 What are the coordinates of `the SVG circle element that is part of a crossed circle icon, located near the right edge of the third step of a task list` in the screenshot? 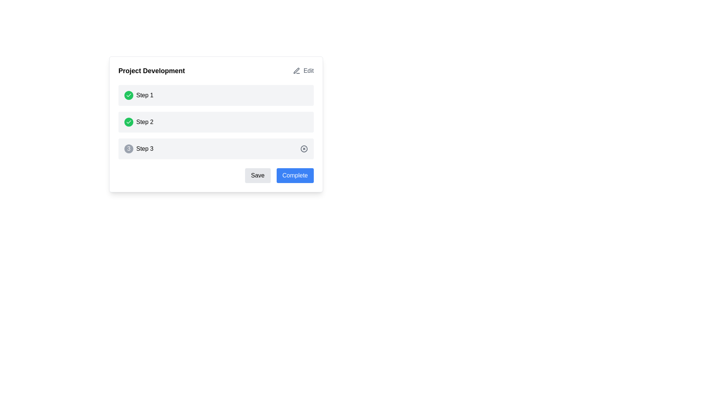 It's located at (304, 149).